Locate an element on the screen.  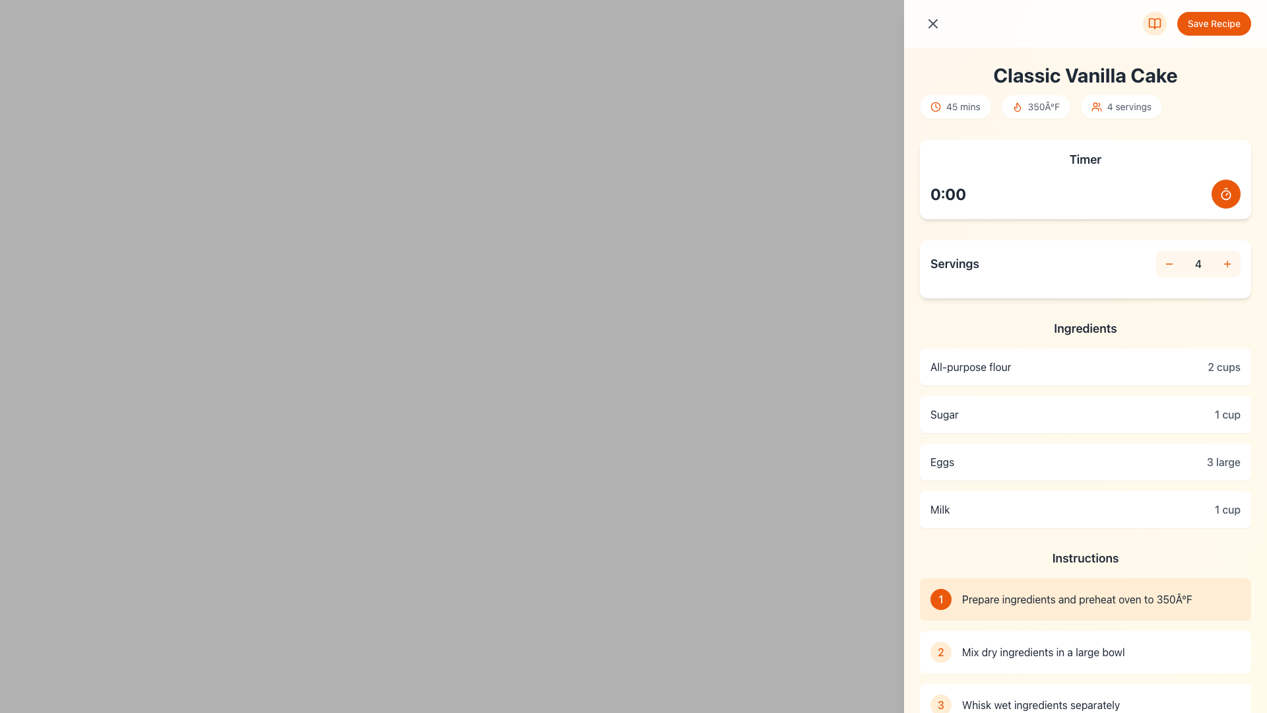
the text label that serves as a timer section indicator, positioned above the '0:00' text display is located at coordinates (1086, 159).